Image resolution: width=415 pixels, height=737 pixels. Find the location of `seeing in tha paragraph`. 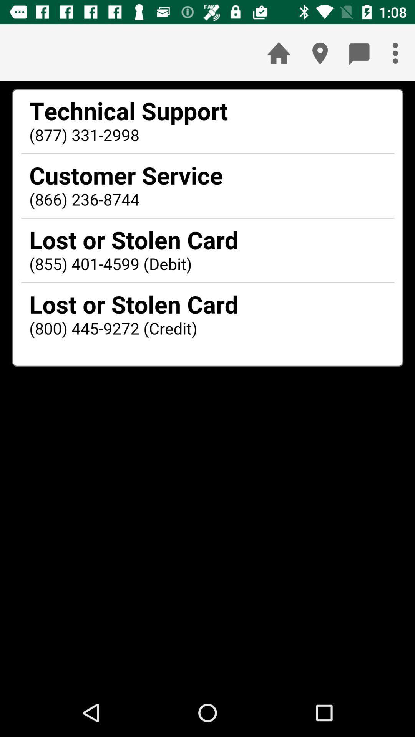

seeing in tha paragraph is located at coordinates (207, 385).